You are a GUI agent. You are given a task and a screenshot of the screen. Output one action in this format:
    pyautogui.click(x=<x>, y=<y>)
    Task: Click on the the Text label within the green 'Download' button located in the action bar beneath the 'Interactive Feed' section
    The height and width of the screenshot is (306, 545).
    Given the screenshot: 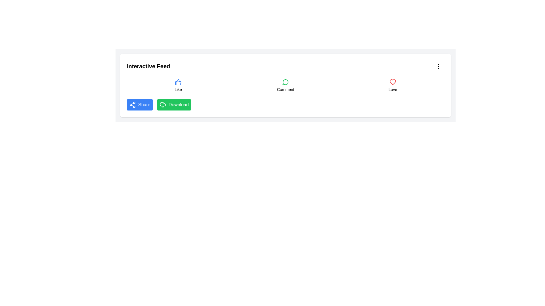 What is the action you would take?
    pyautogui.click(x=178, y=105)
    